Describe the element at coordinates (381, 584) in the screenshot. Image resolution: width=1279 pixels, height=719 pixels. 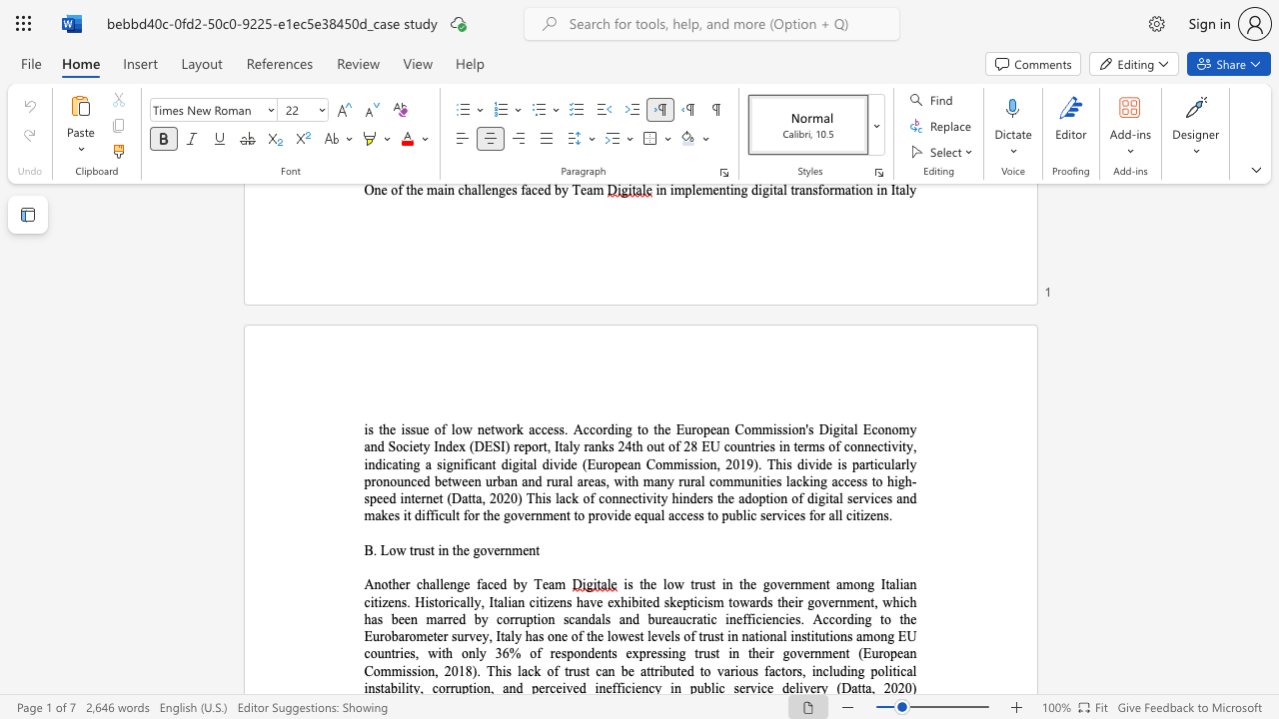
I see `the subset text "other ch" within the text "Another challenge faced by Team"` at that location.